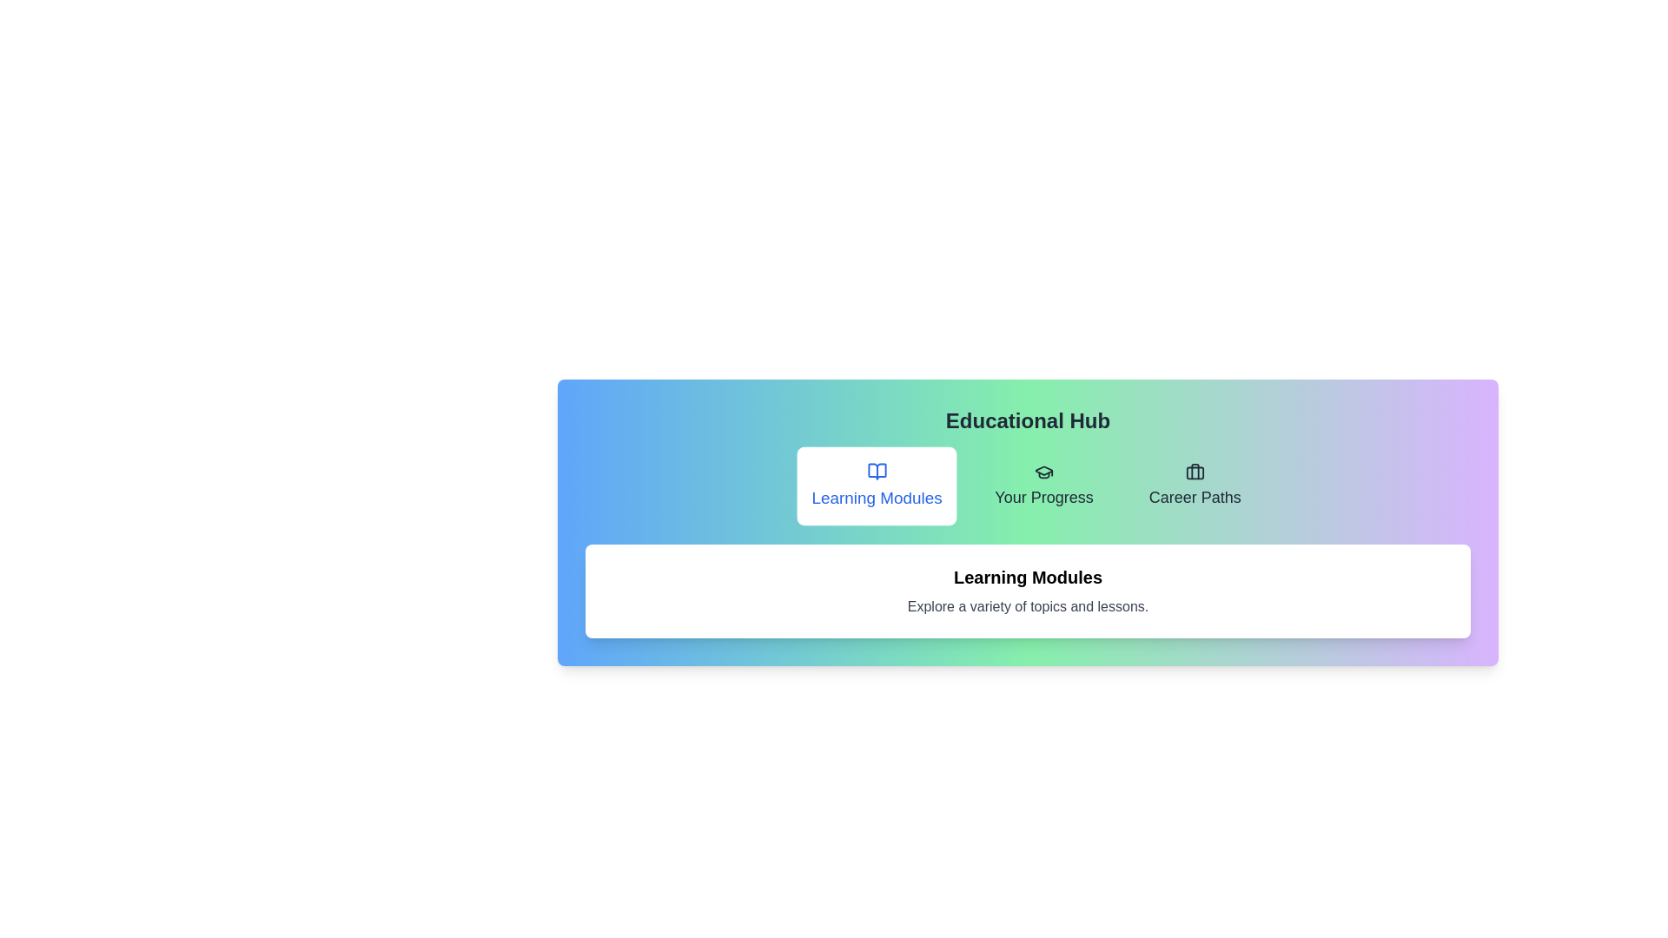 Image resolution: width=1668 pixels, height=938 pixels. Describe the element at coordinates (1194, 486) in the screenshot. I see `the tab Career Paths to view its content` at that location.